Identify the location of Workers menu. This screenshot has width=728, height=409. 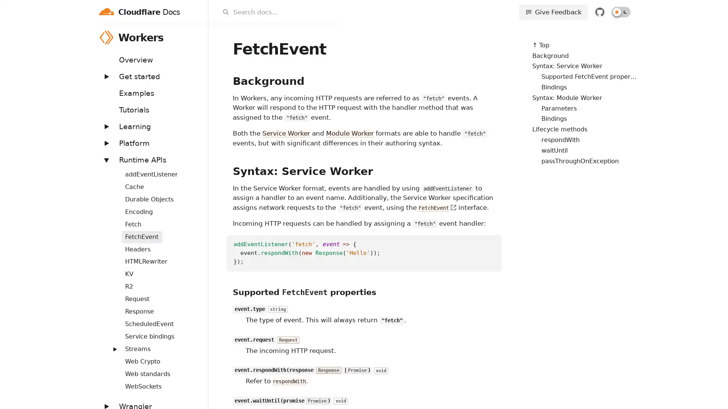
(198, 37).